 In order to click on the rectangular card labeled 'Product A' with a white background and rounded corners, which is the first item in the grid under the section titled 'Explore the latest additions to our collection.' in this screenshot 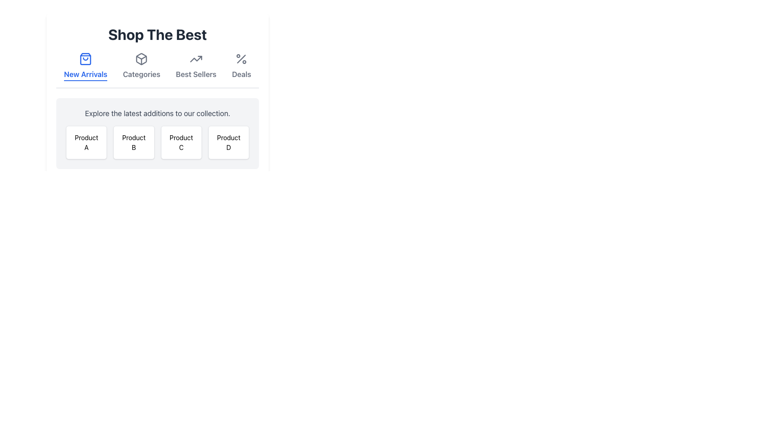, I will do `click(86, 142)`.